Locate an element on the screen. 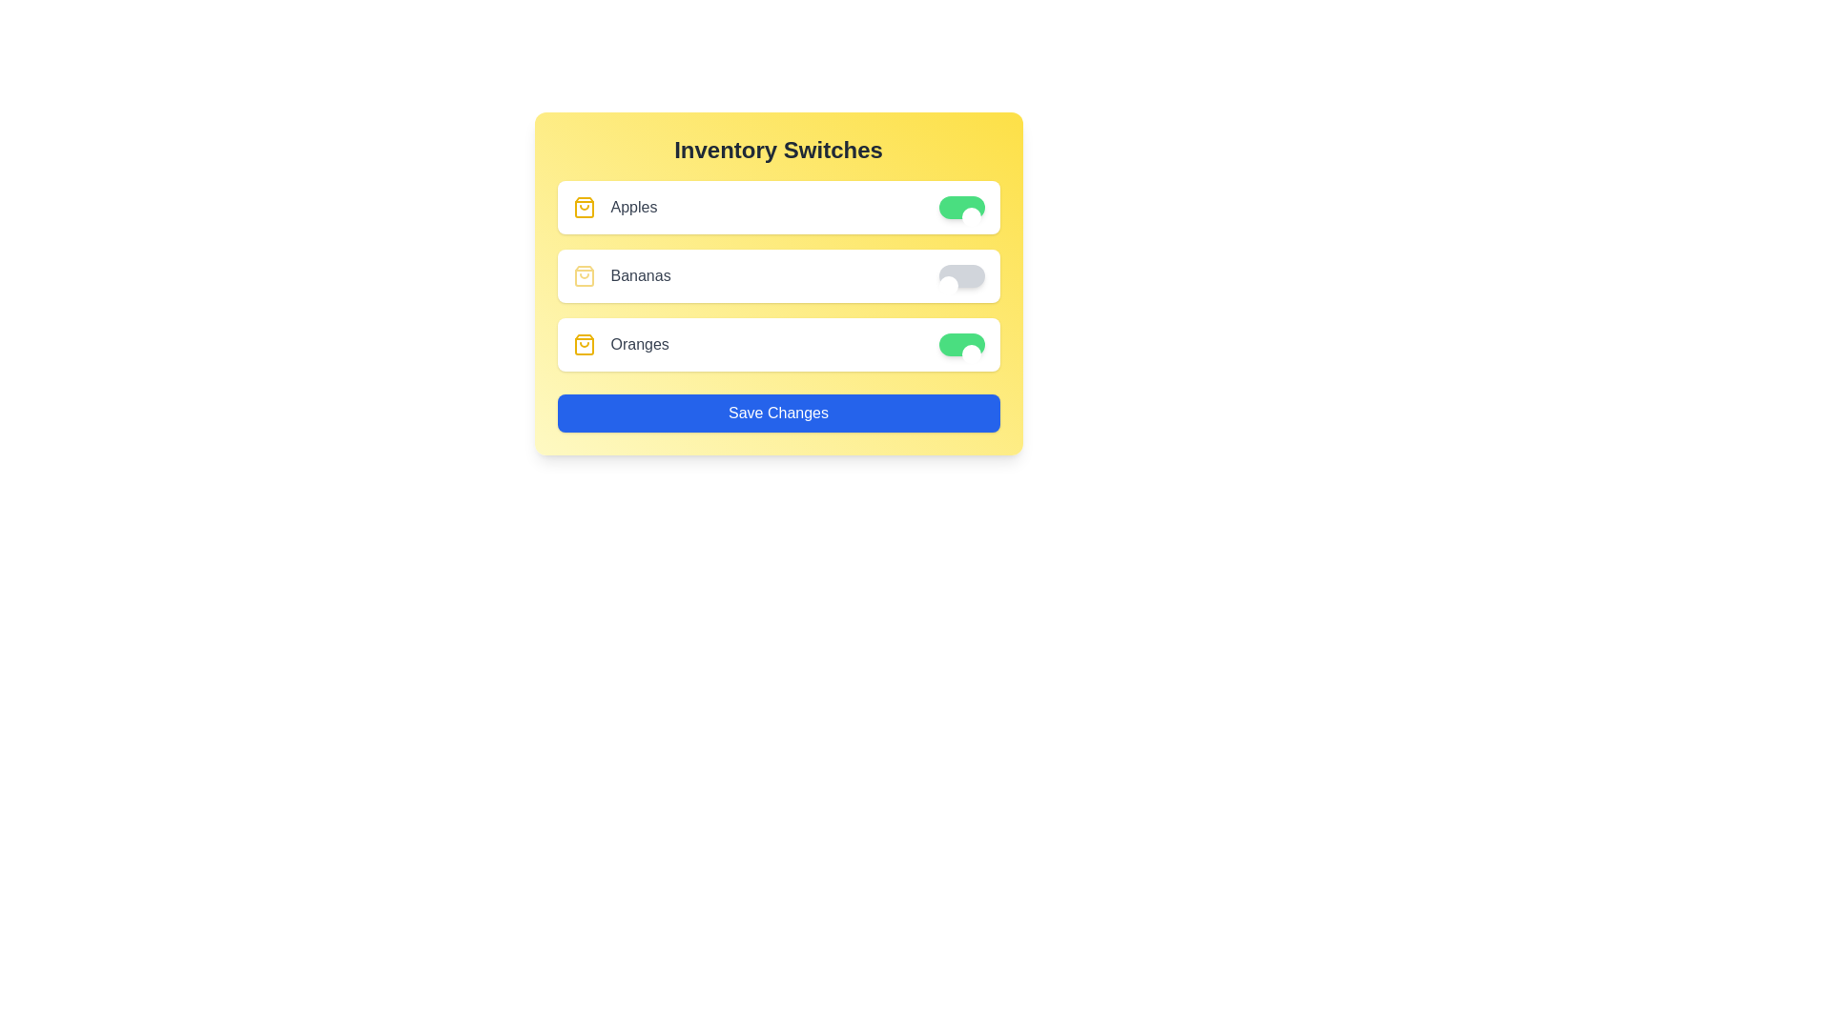  the 'Save Changes' button is located at coordinates (778, 413).